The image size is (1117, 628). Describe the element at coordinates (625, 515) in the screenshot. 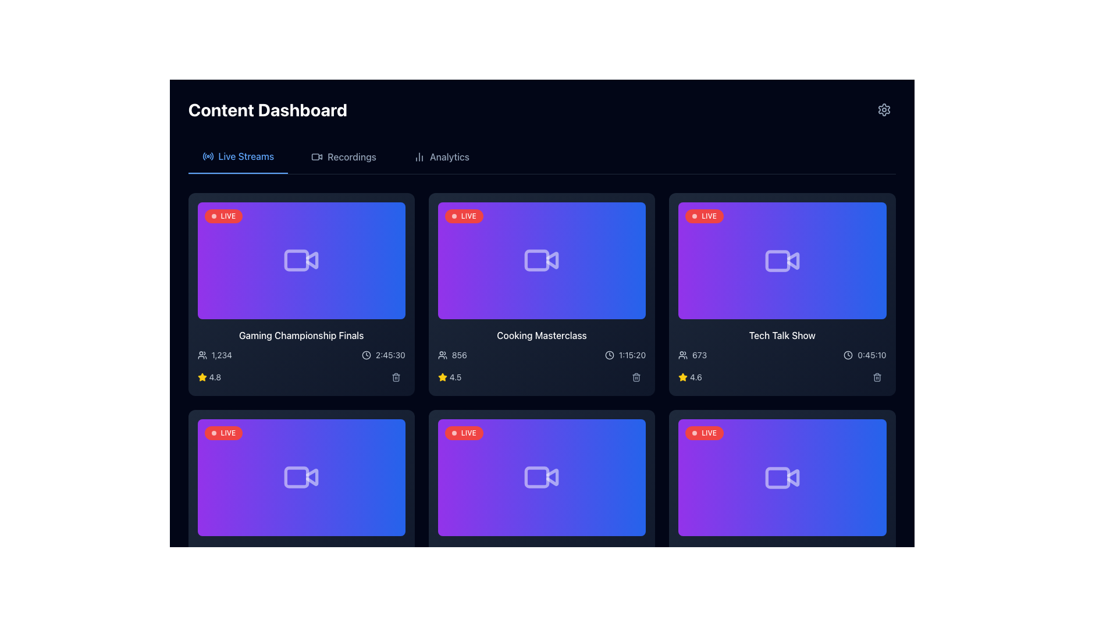

I see `the play button located at the bottom-right corner of the video card with a gradient purple to blue background, which plays the associated video's content when clicked` at that location.